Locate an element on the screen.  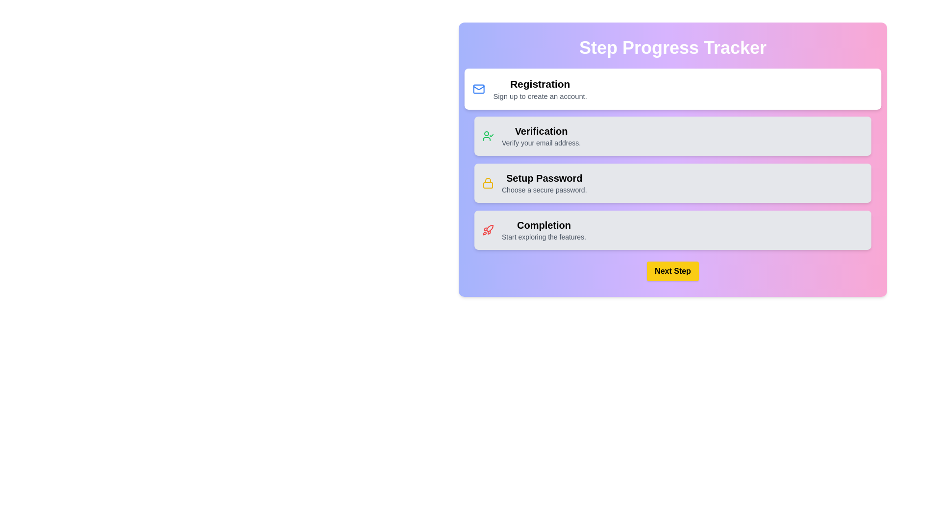
the rectangular button with a bright yellow background labeled 'Next Step' to observe any visual feedback is located at coordinates (672, 271).